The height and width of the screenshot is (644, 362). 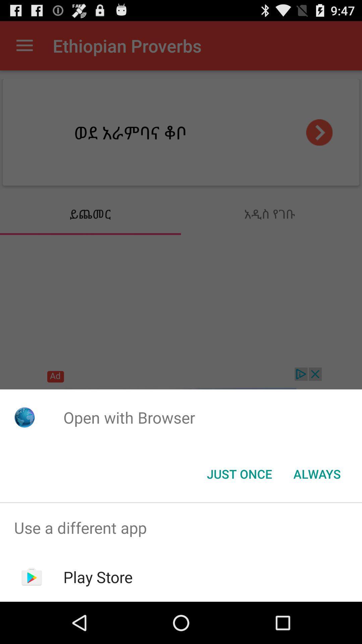 I want to click on button next to always icon, so click(x=239, y=473).